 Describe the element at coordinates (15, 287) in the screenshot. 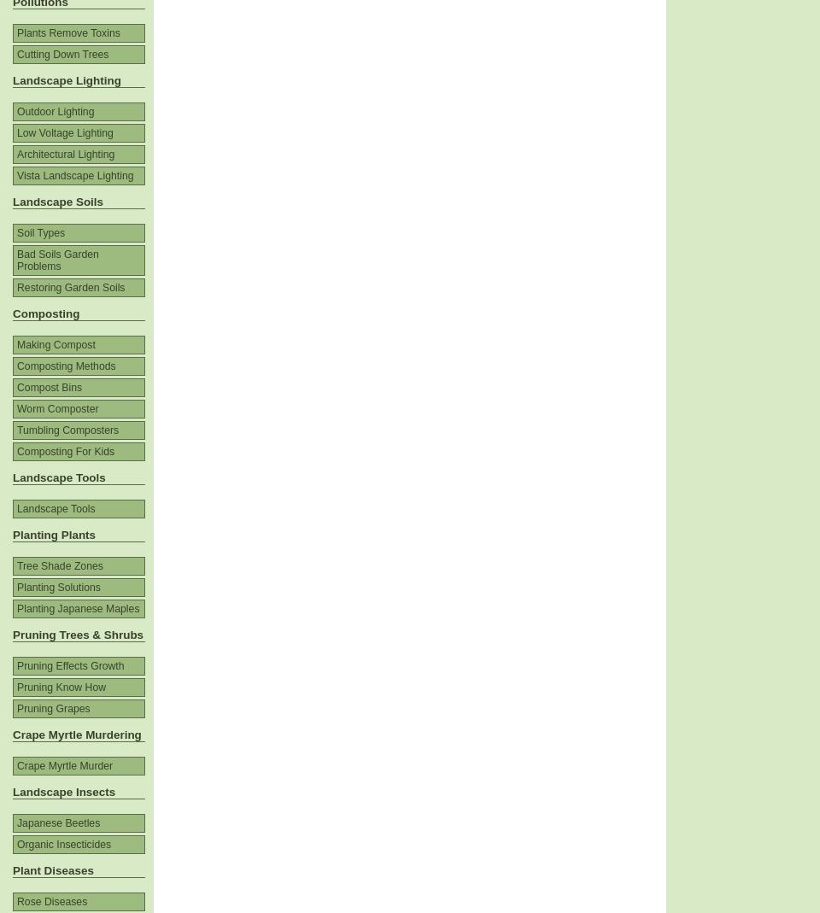

I see `'Restoring Garden Soils'` at that location.